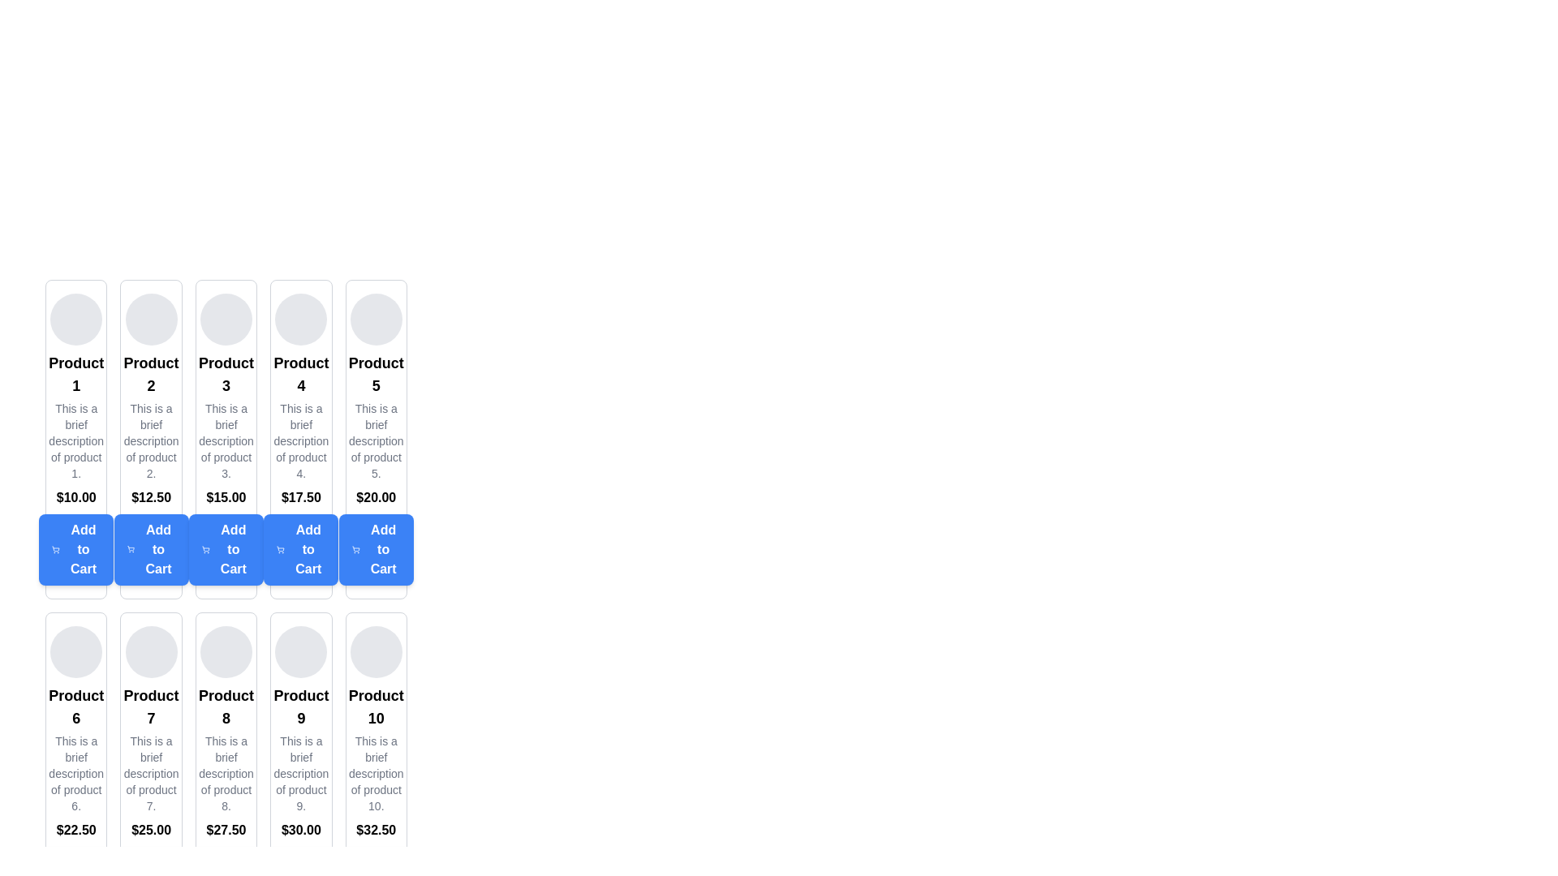 This screenshot has height=876, width=1558. What do you see at coordinates (375, 440) in the screenshot?
I see `text from the Text block containing 'This is a brief description of product 5.', which is styled in a smaller font size and located beneath the title 'Product 5'` at bounding box center [375, 440].